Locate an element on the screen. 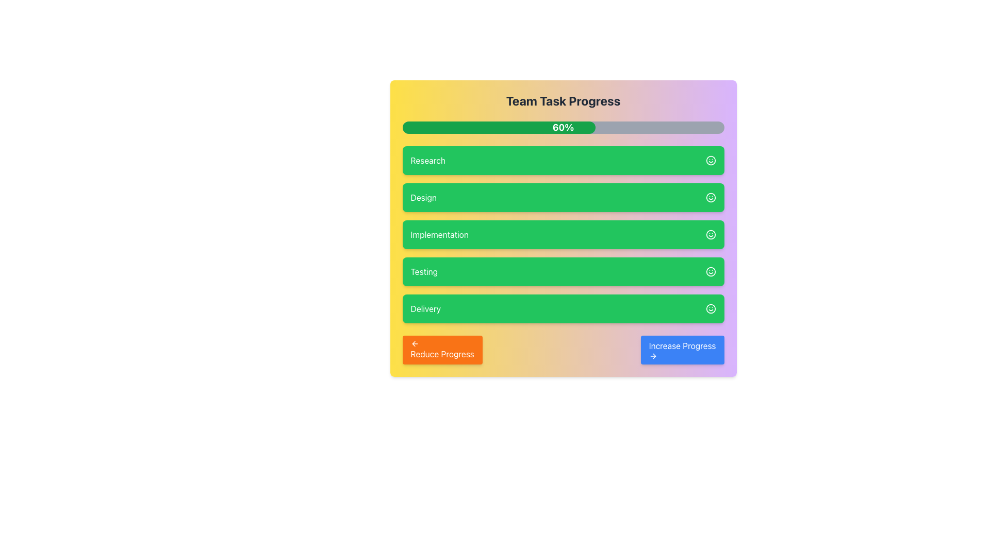  the header text 'Team Task Progress', which is styled in bold and centered, located at the top of a card-like layout in a task management interface is located at coordinates (563, 101).